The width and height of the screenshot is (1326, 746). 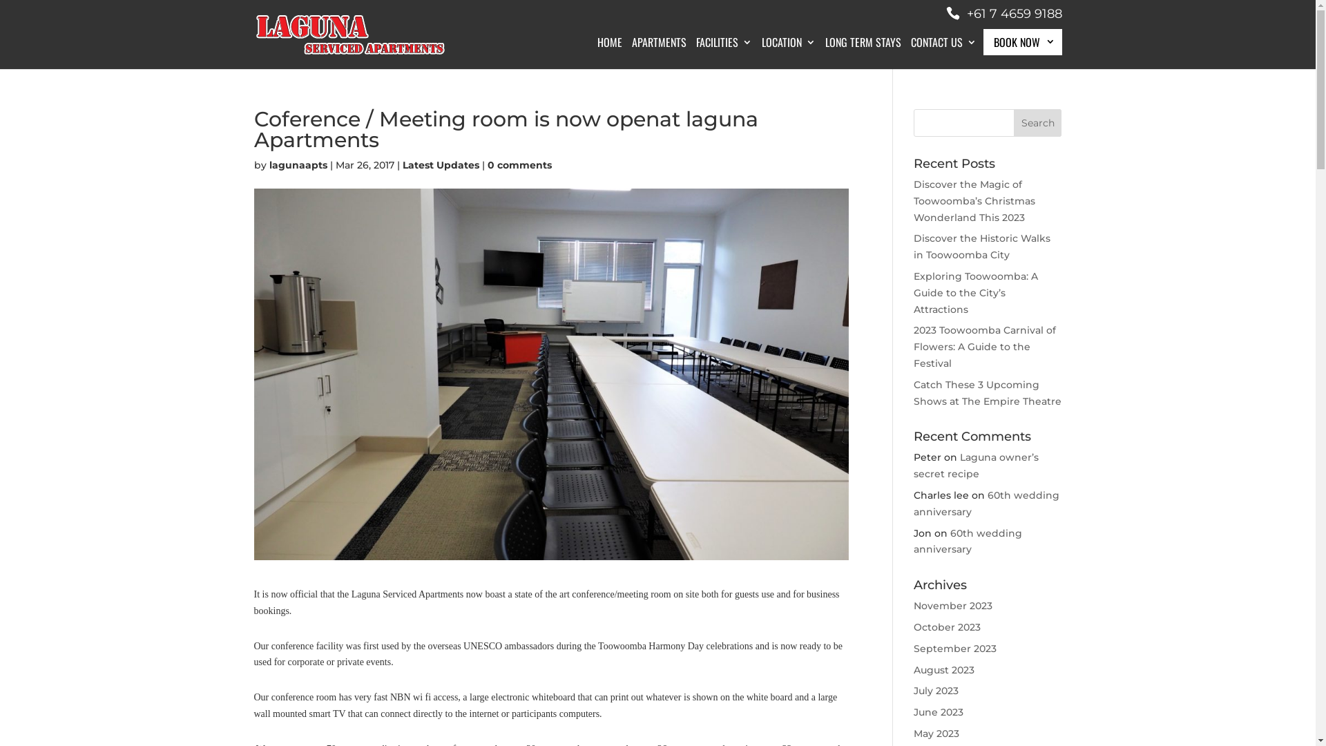 What do you see at coordinates (986, 504) in the screenshot?
I see `'60th wedding anniversary'` at bounding box center [986, 504].